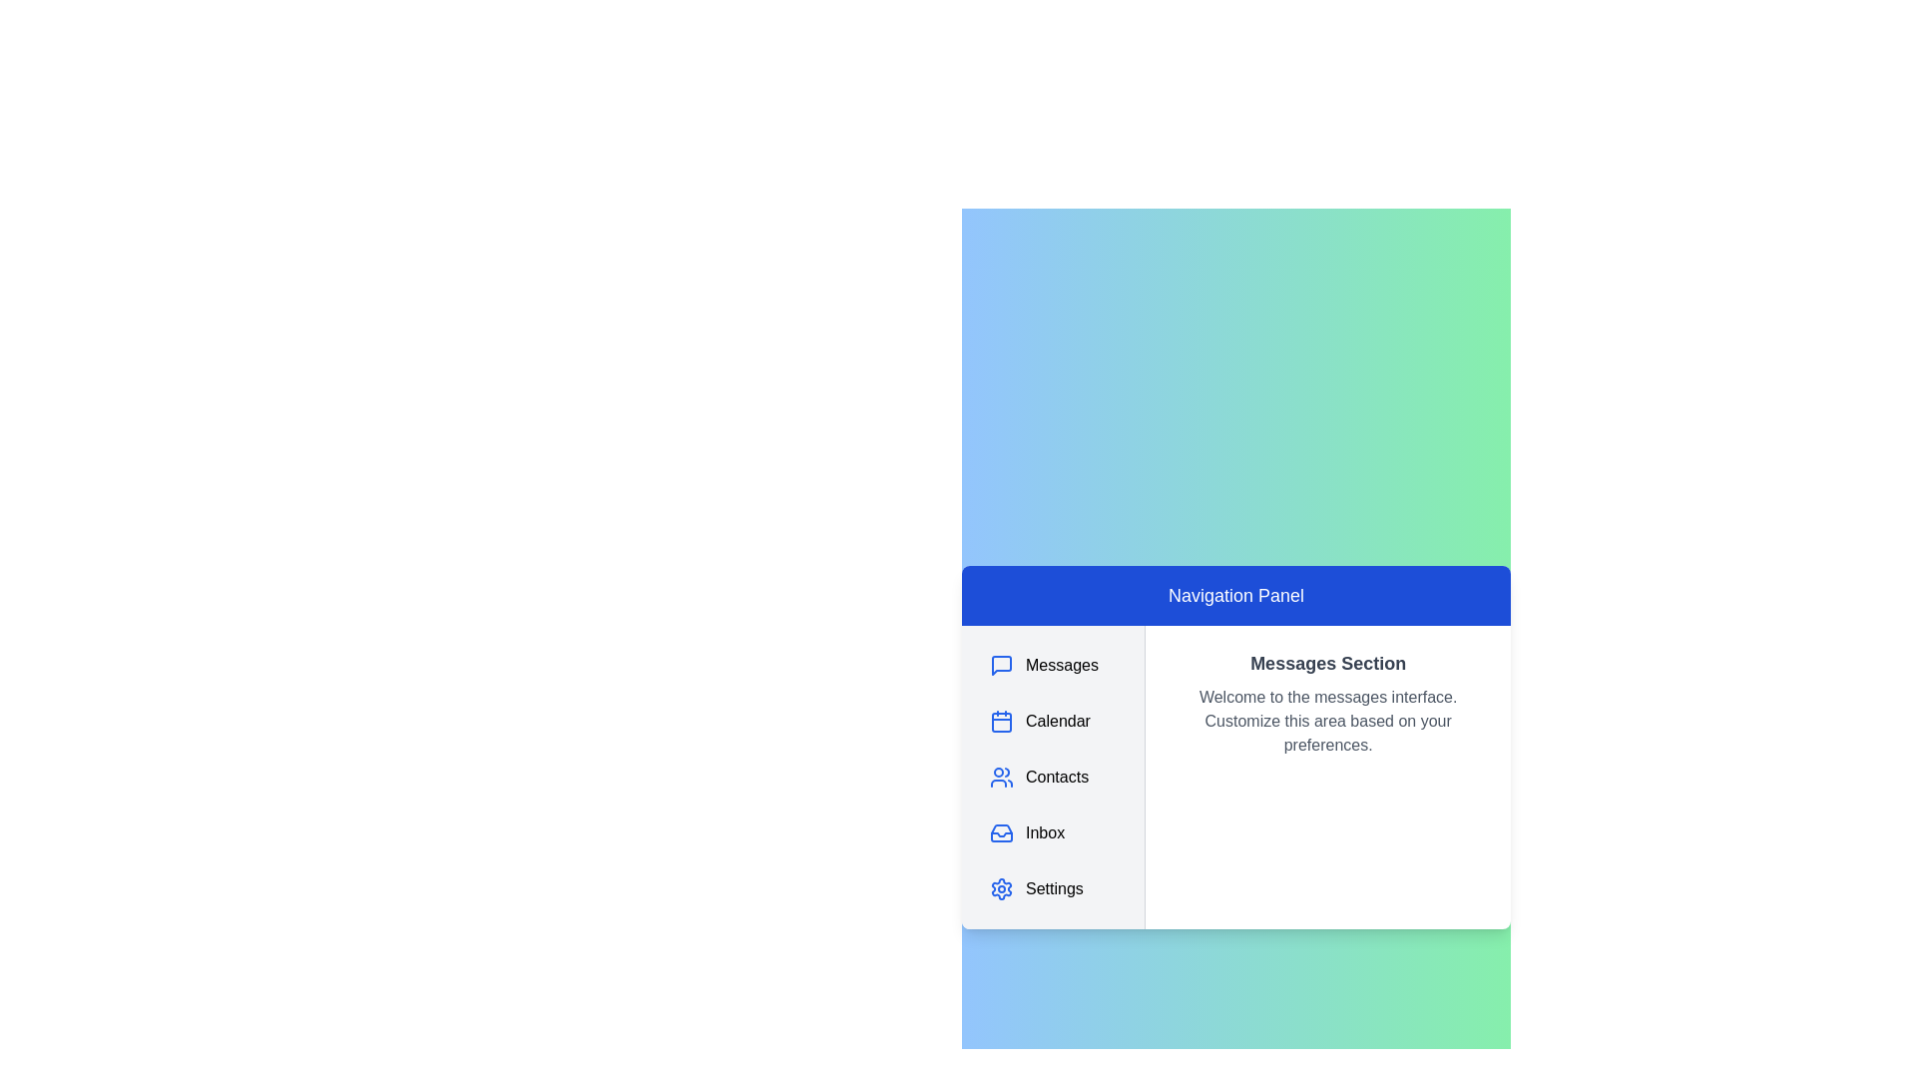  Describe the element at coordinates (1001, 888) in the screenshot. I see `the Settings section by clicking its icon in the navigation panel` at that location.